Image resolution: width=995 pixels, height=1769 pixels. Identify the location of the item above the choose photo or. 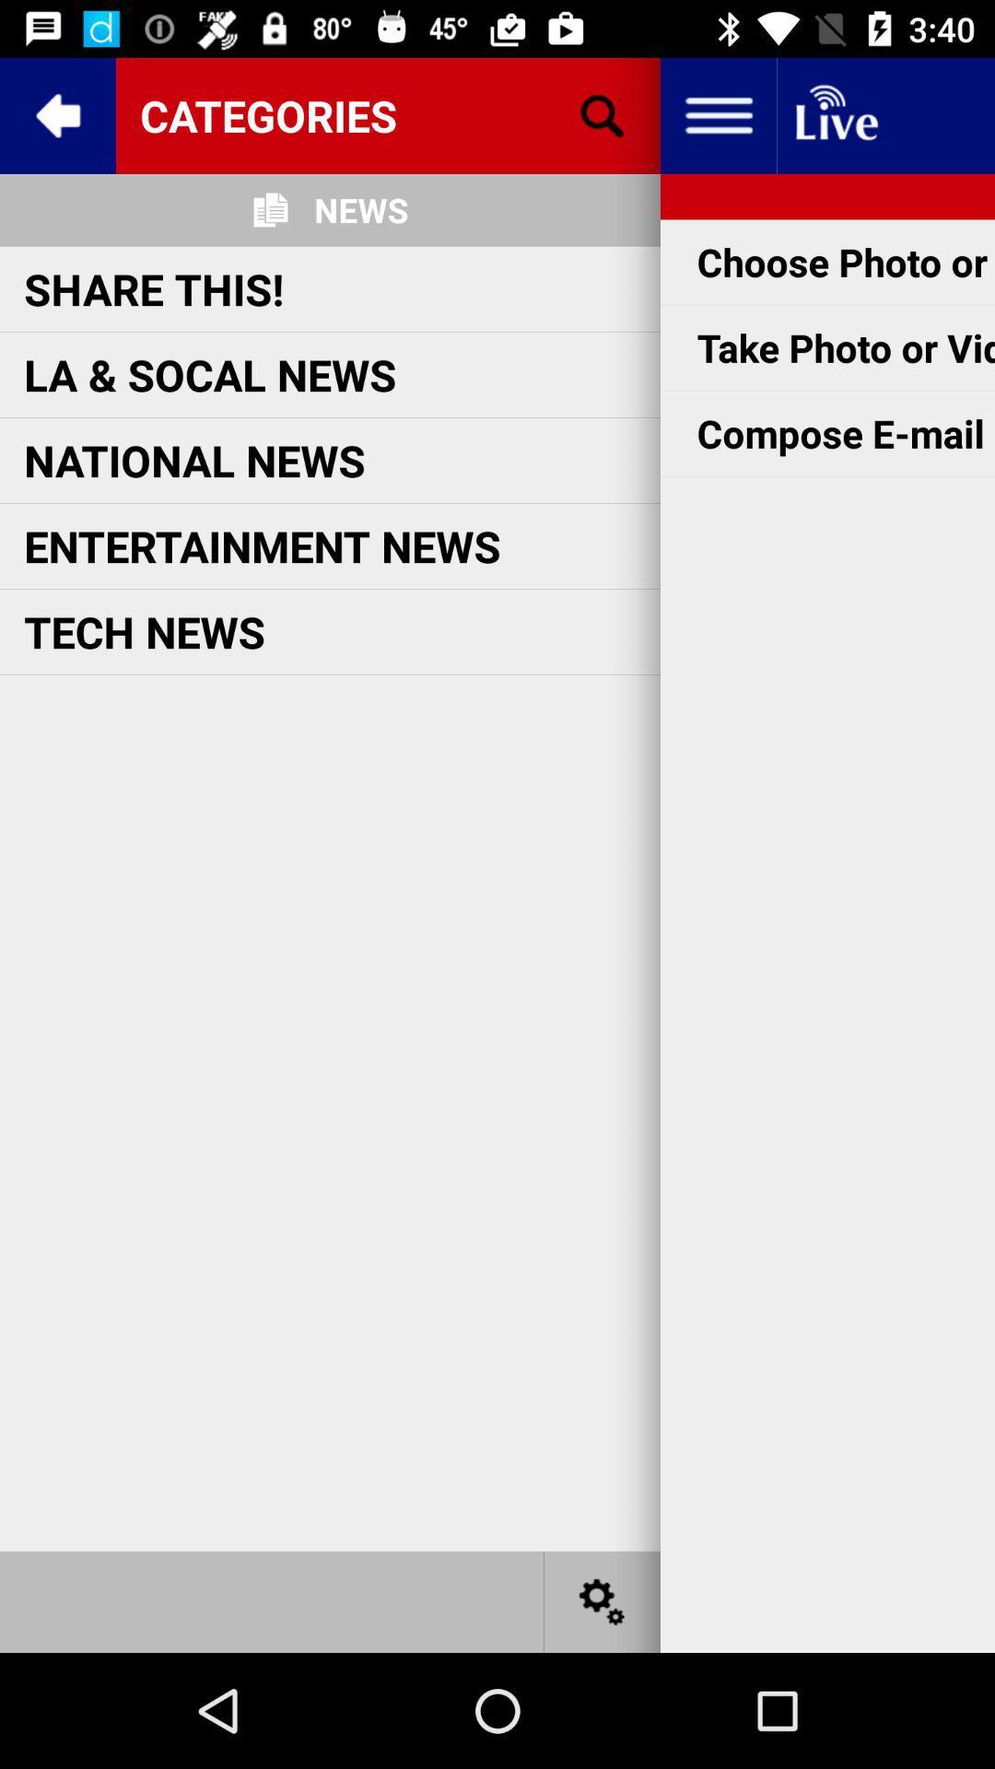
(835, 114).